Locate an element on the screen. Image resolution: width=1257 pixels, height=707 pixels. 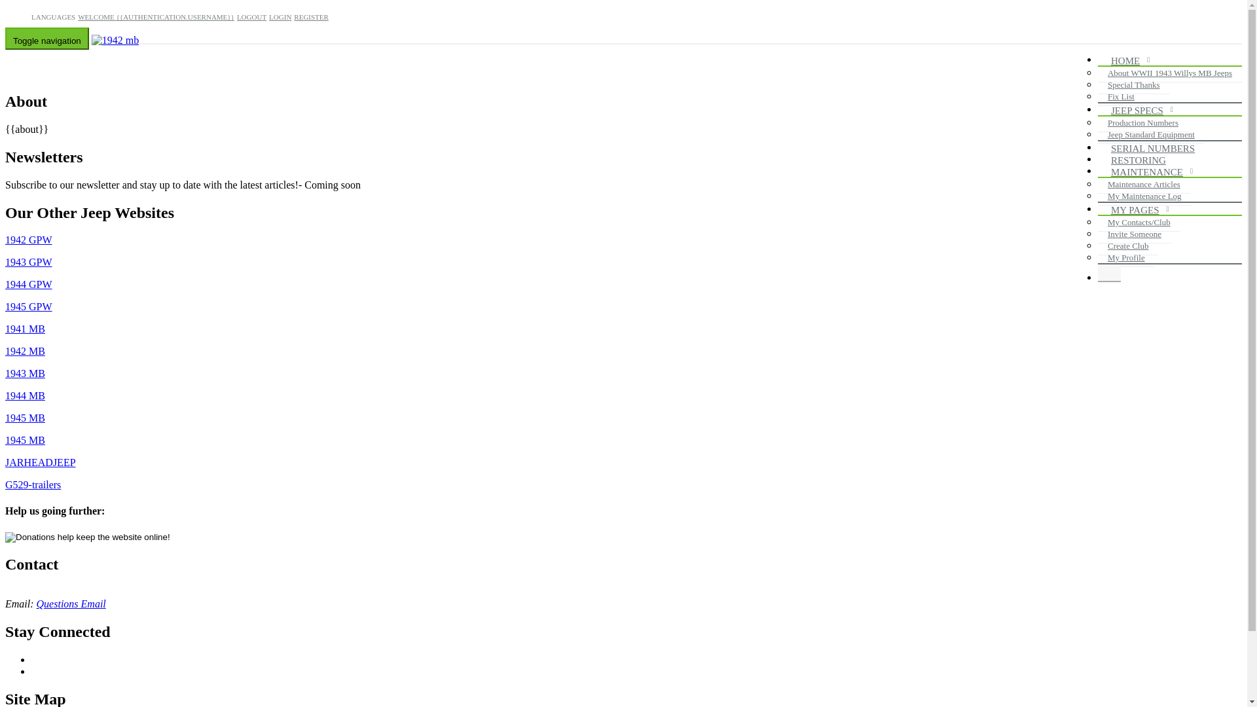
'My Contacts/Club' is located at coordinates (1138, 221).